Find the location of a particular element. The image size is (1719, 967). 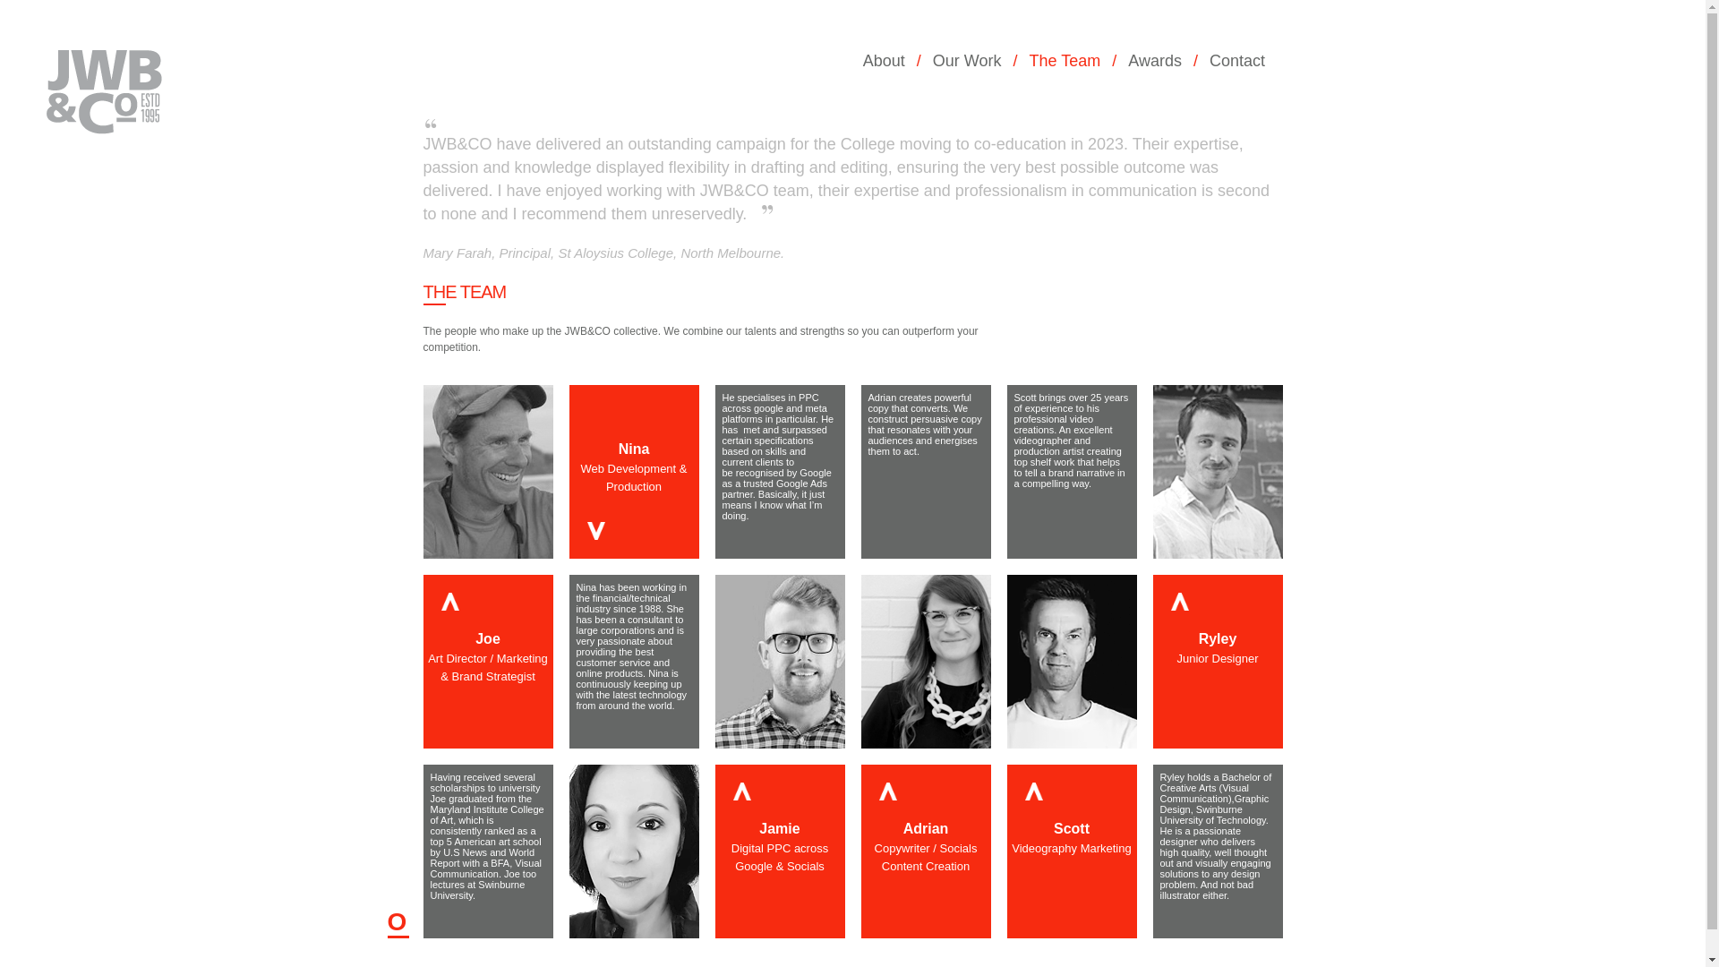

' ' is located at coordinates (17, 120).